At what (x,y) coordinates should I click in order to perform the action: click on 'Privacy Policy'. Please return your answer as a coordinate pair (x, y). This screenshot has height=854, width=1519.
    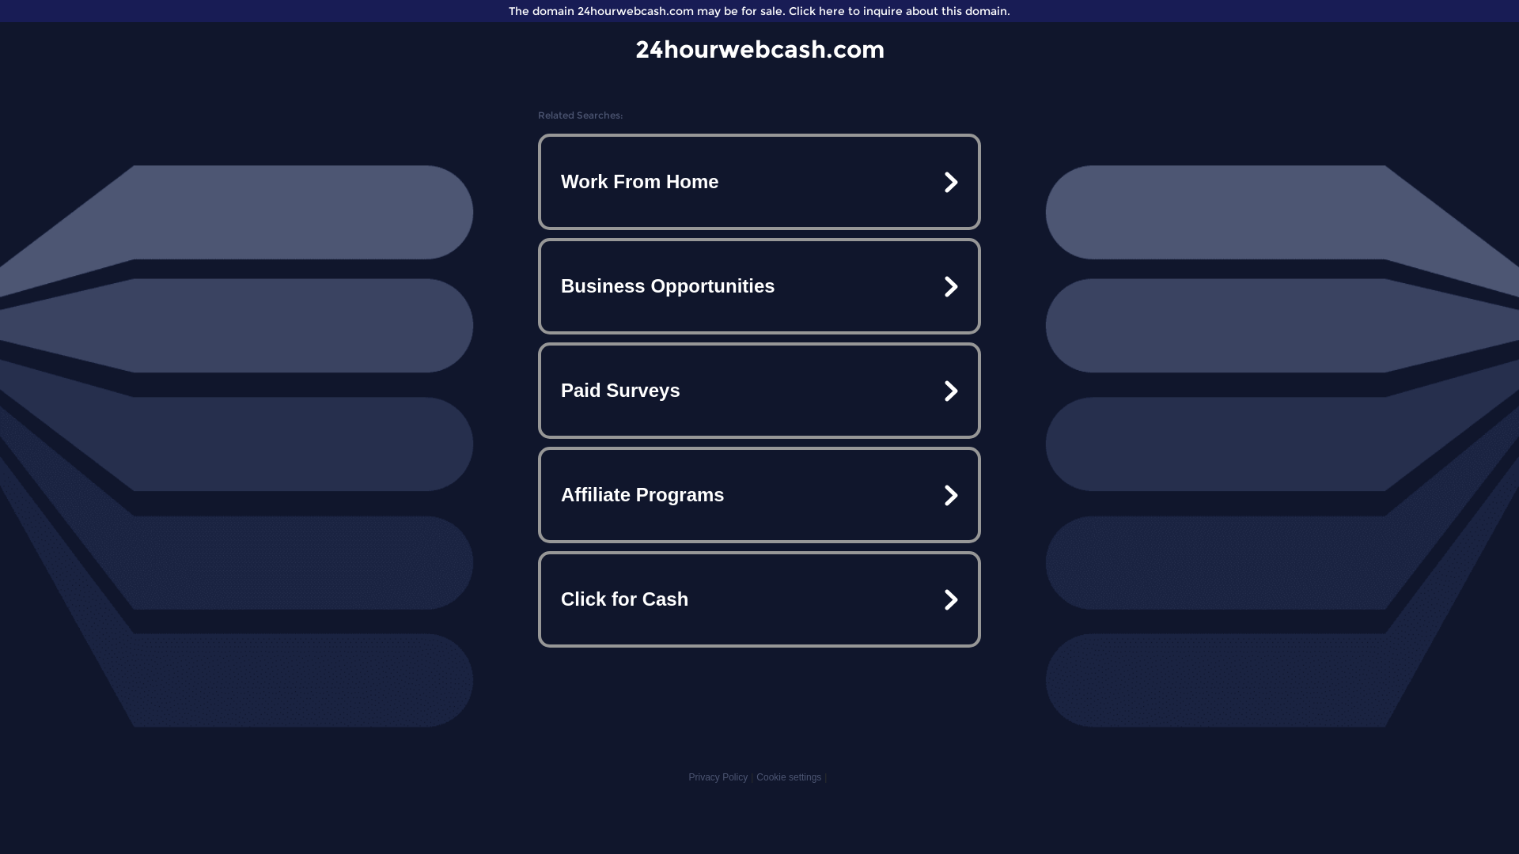
    Looking at the image, I should click on (717, 777).